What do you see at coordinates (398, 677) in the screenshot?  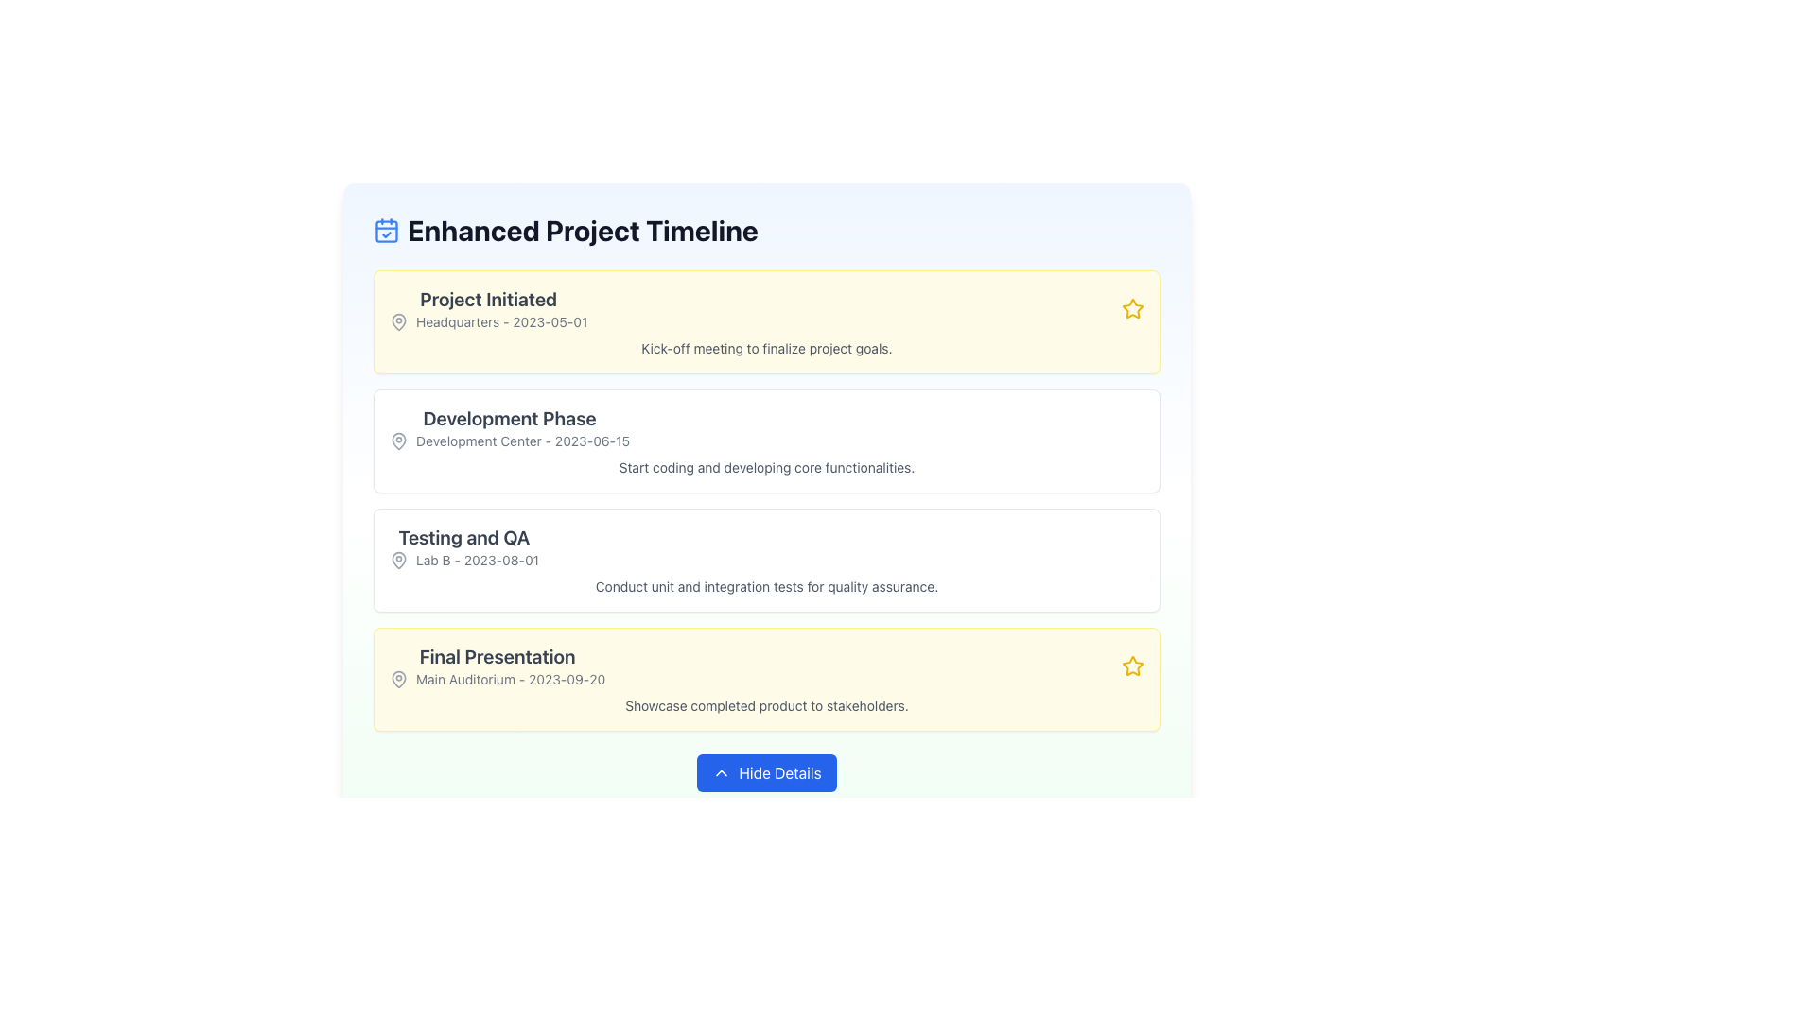 I see `the location marked by the leftmost SVG Icon in the 'Final Presentation' timeline entry, which is the fourth map pin icon in the timeline card` at bounding box center [398, 677].